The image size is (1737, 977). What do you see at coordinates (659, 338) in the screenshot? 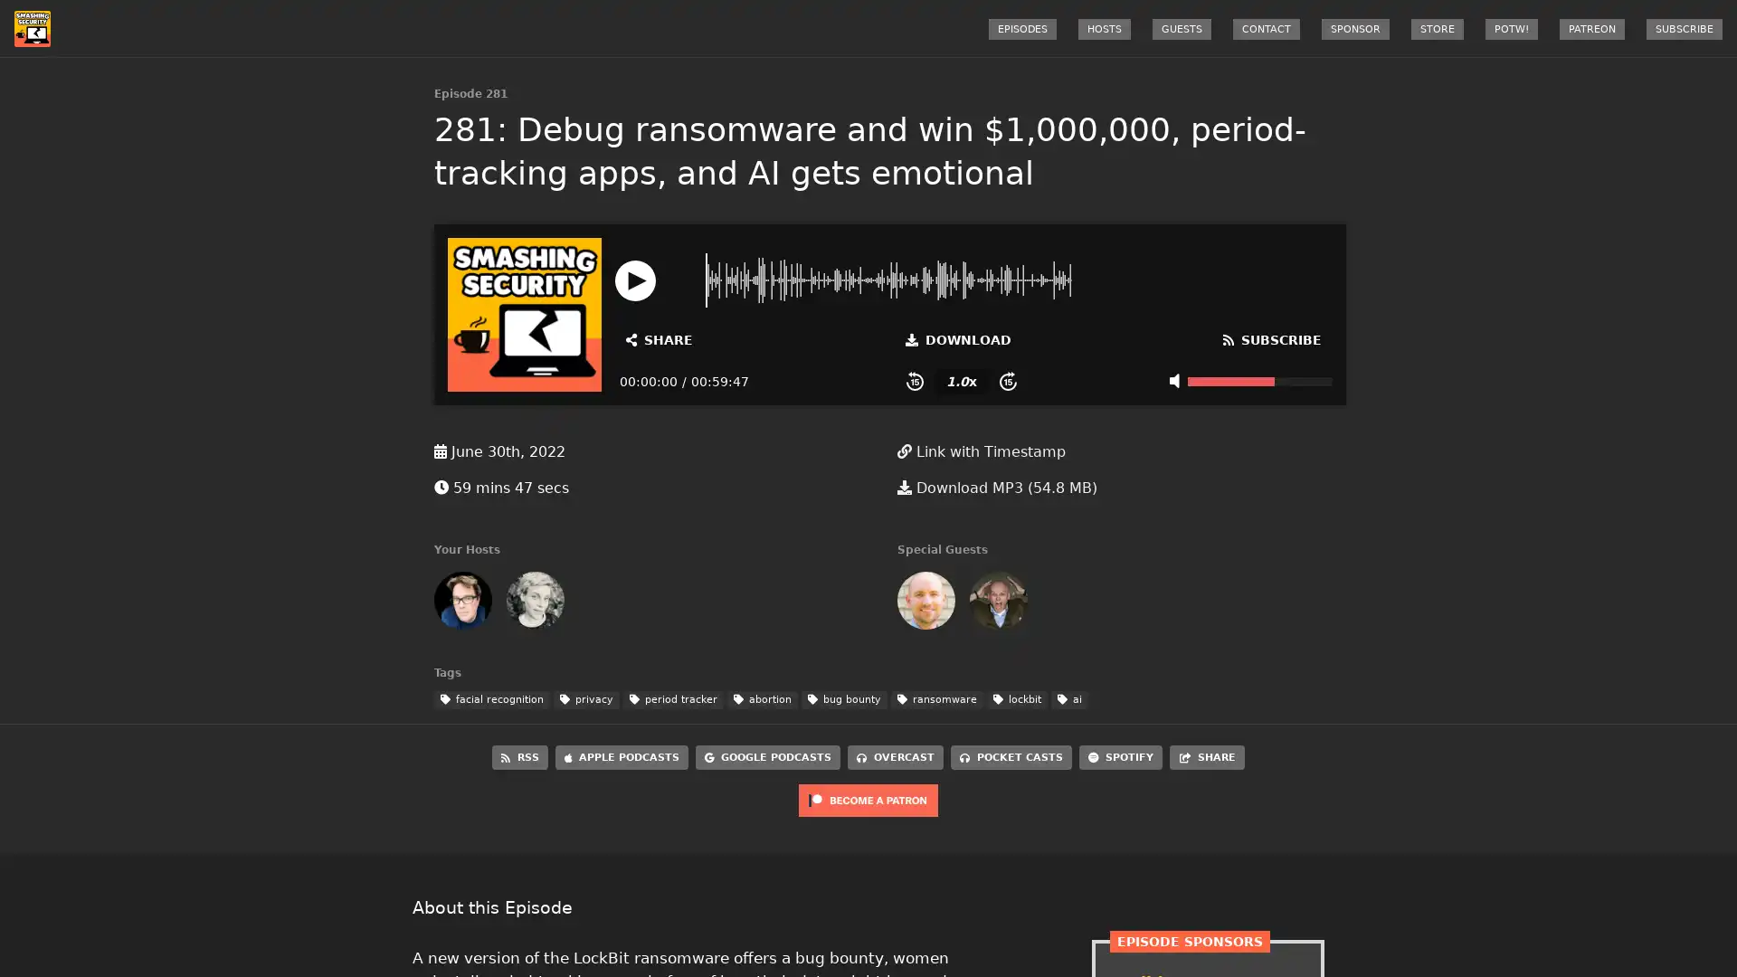
I see `Open Share and Subscribe Dialog` at bounding box center [659, 338].